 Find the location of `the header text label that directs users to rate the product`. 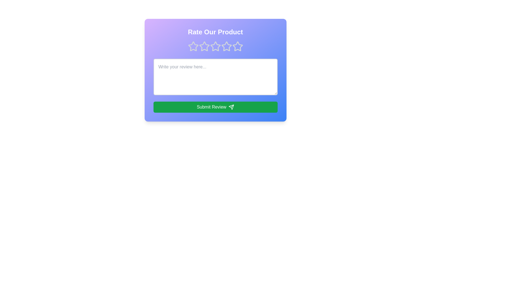

the header text label that directs users to rate the product is located at coordinates (215, 32).